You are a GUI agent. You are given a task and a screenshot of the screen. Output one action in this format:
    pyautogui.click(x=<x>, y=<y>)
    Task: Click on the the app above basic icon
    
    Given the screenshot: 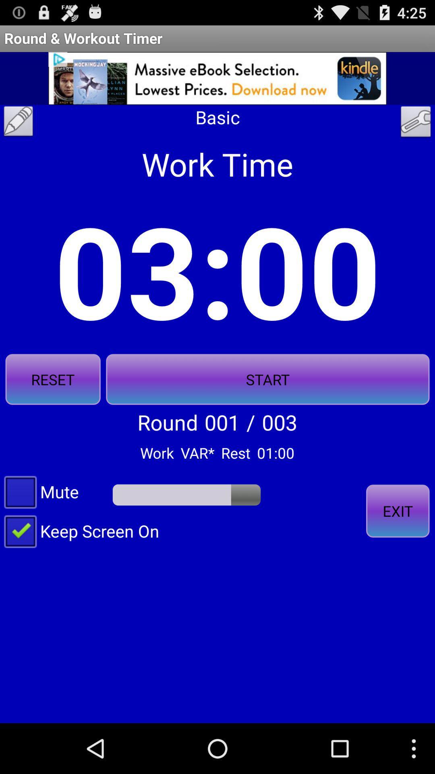 What is the action you would take?
    pyautogui.click(x=217, y=78)
    